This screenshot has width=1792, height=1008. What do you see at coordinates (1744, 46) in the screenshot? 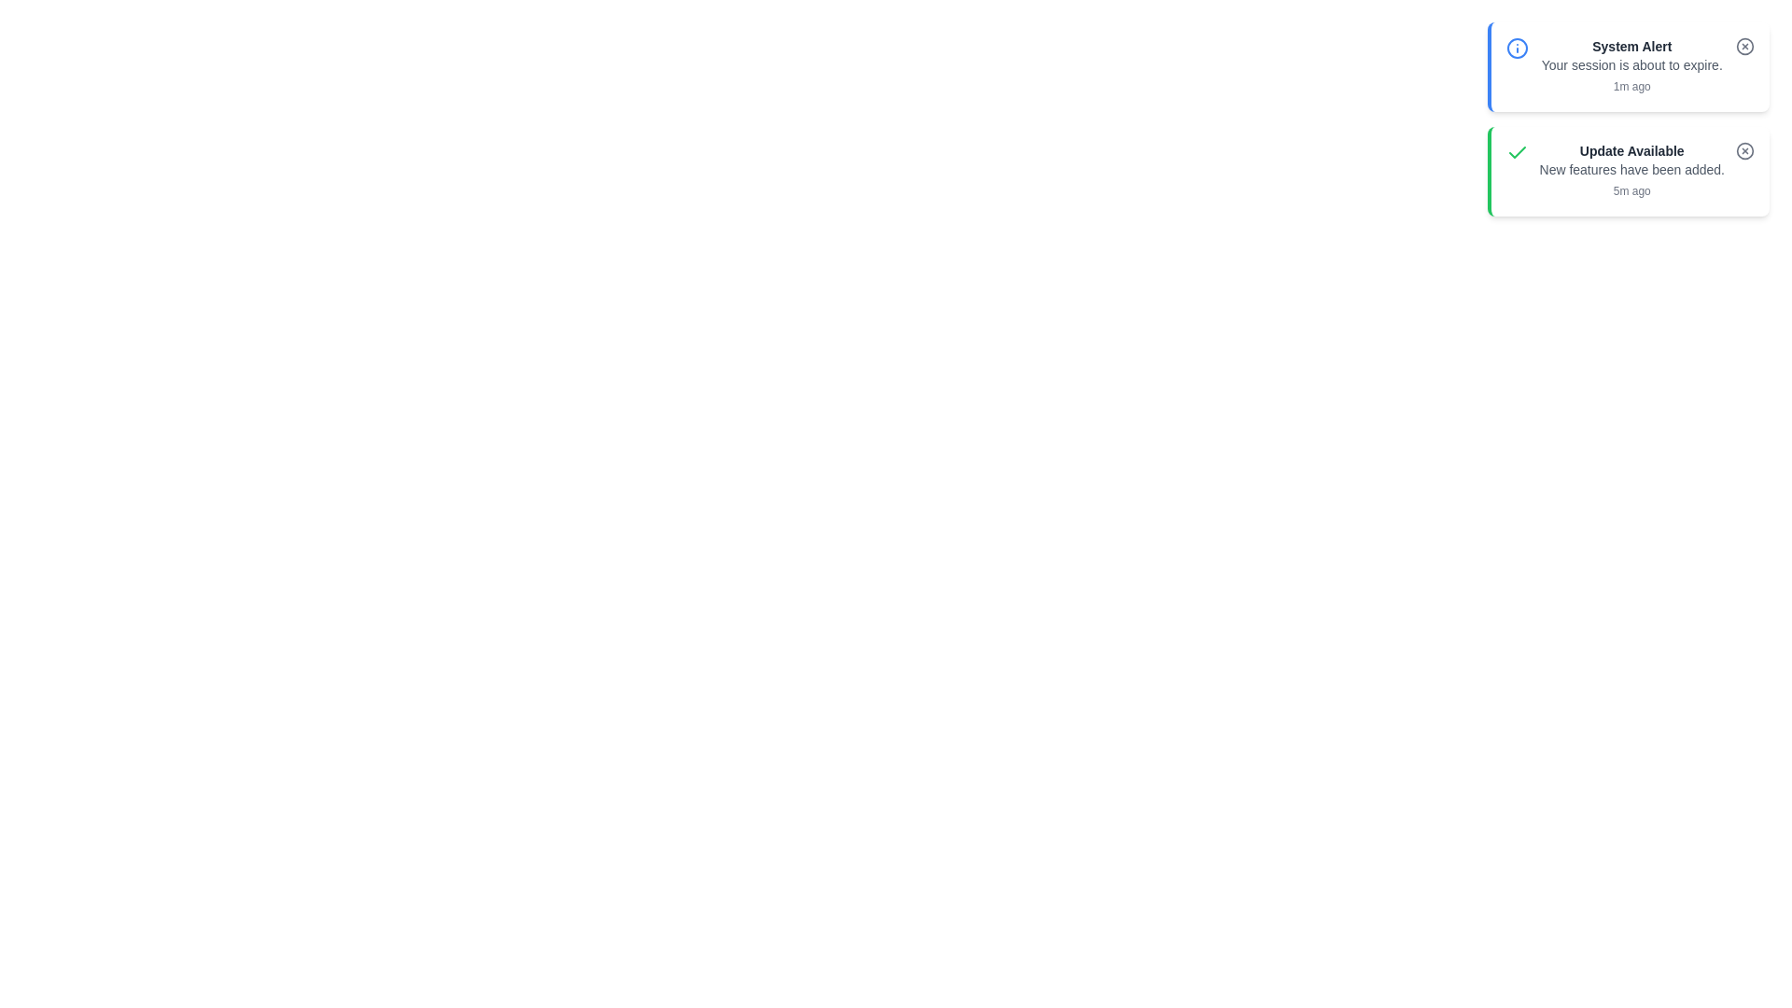
I see `dismiss button for the notification titled 'System Alert'` at bounding box center [1744, 46].